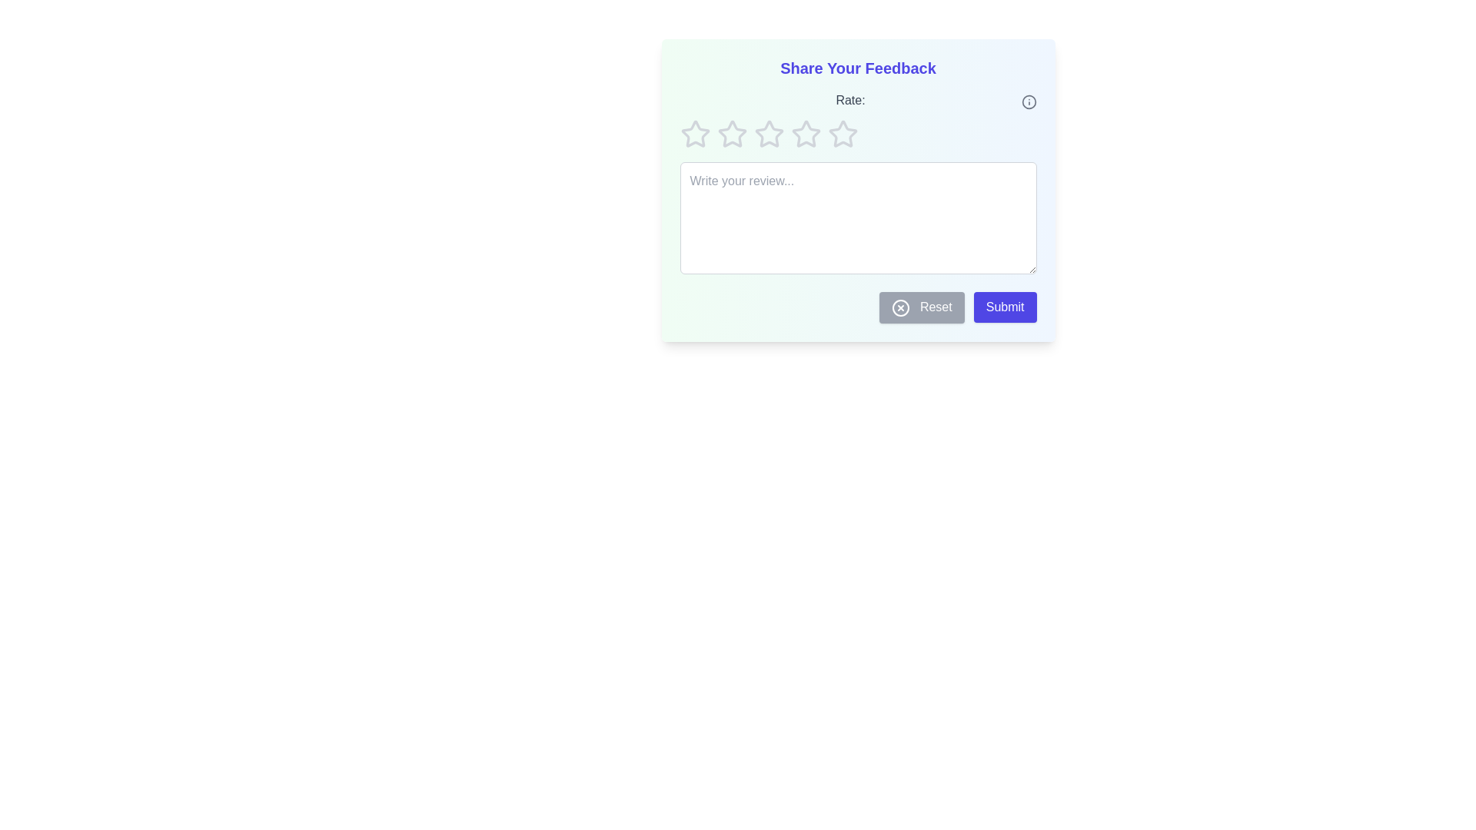 This screenshot has width=1476, height=830. I want to click on the star corresponding to 3 rating to set the rating, so click(769, 133).